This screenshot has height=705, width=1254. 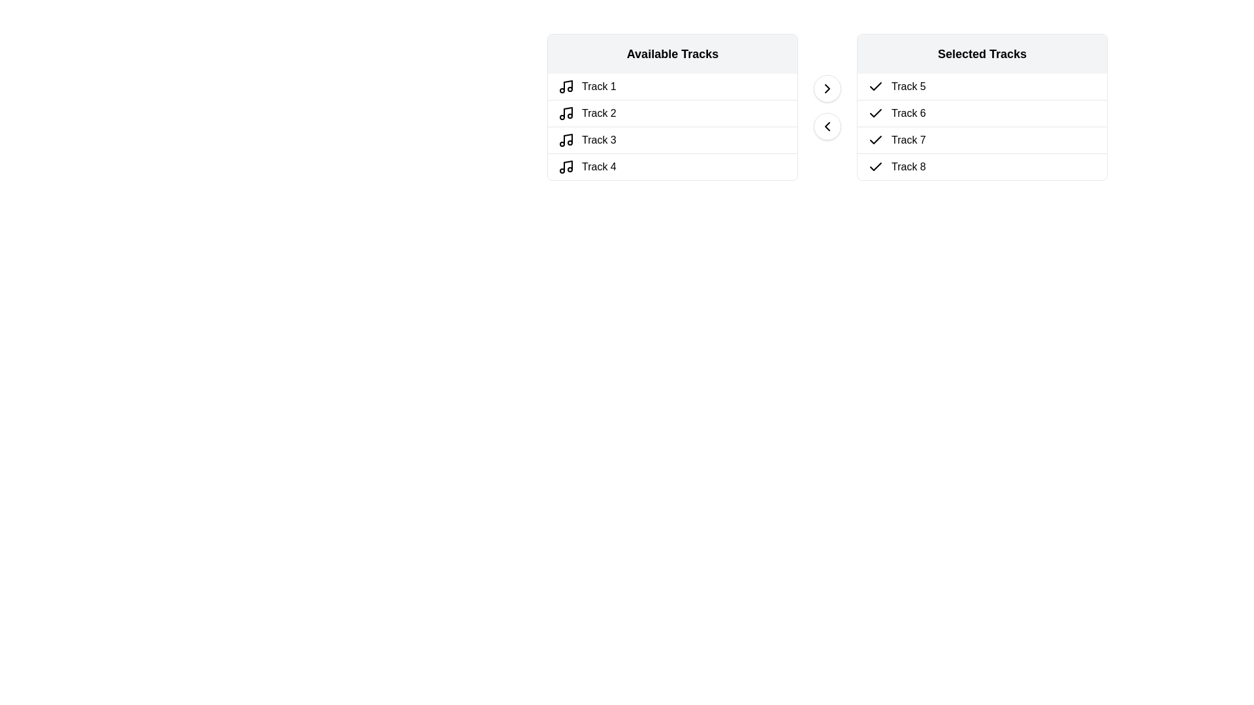 What do you see at coordinates (875, 112) in the screenshot?
I see `the state of the checkmark icon with a black outline next to 'Track 6' in the 'Selected Tracks' section` at bounding box center [875, 112].